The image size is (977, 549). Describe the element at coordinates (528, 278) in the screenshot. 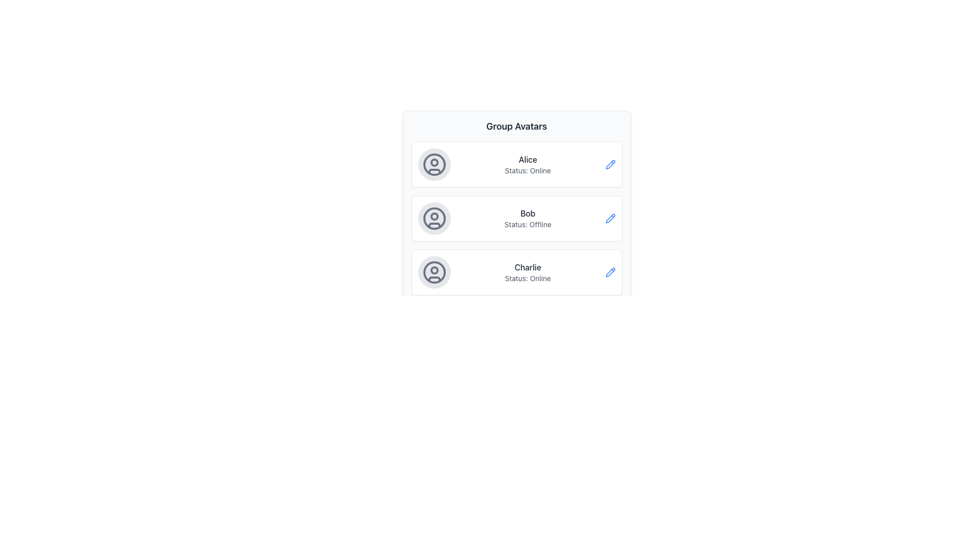

I see `the text label displaying 'Status: Online', which is styled with a small font size and gray color, located below the name 'Charlie' in the interface` at that location.